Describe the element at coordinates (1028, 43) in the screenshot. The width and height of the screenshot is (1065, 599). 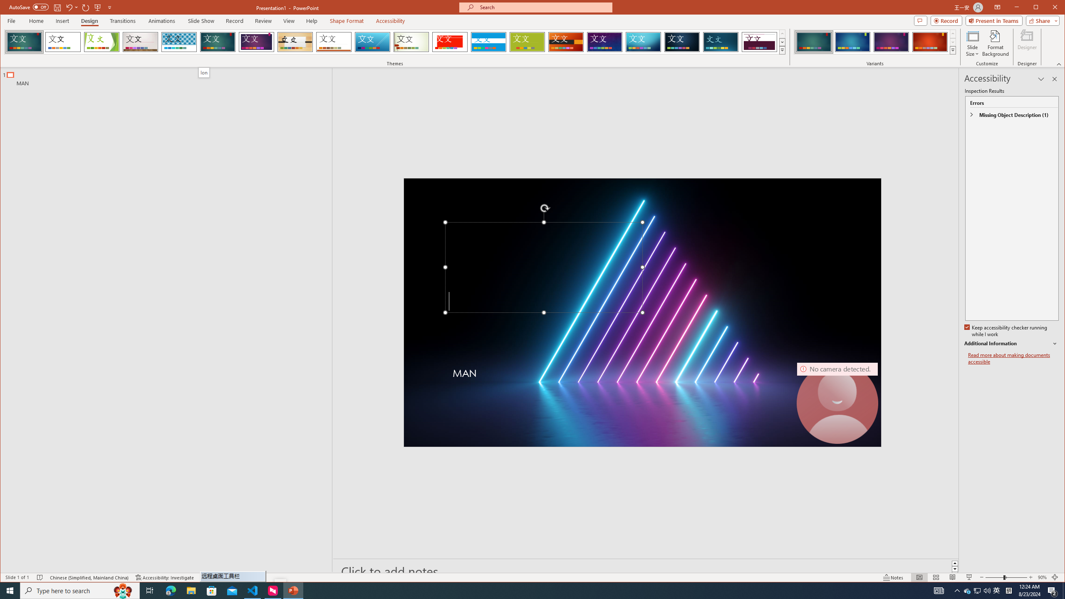
I see `'Designer'` at that location.